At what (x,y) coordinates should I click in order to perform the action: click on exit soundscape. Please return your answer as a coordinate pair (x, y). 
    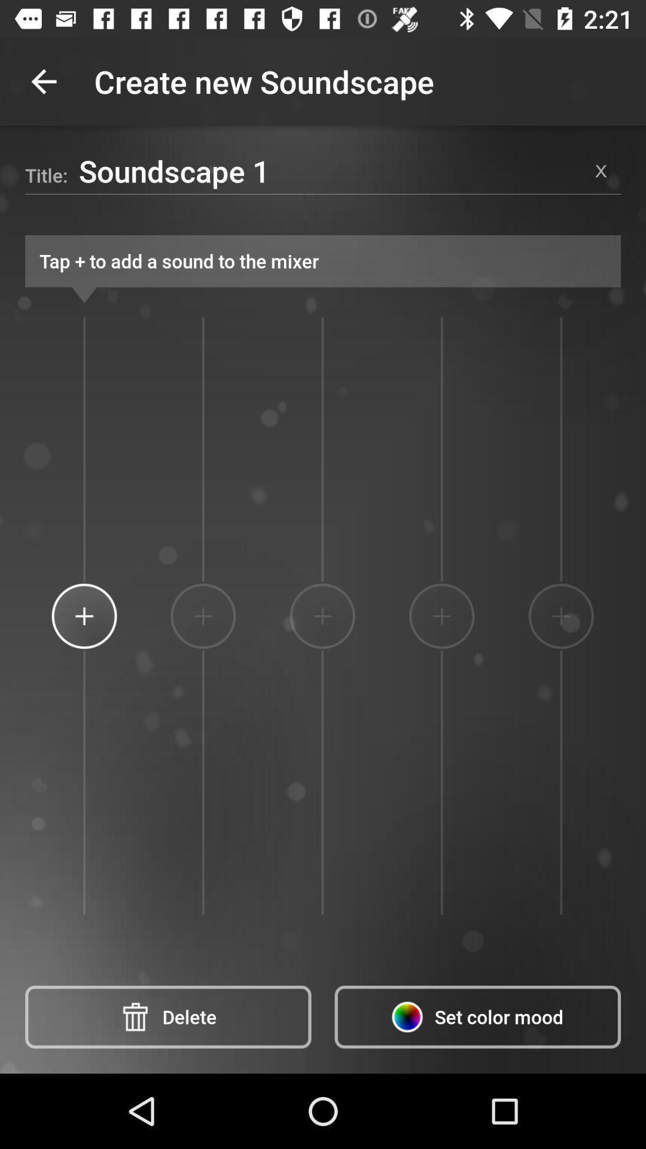
    Looking at the image, I should click on (601, 170).